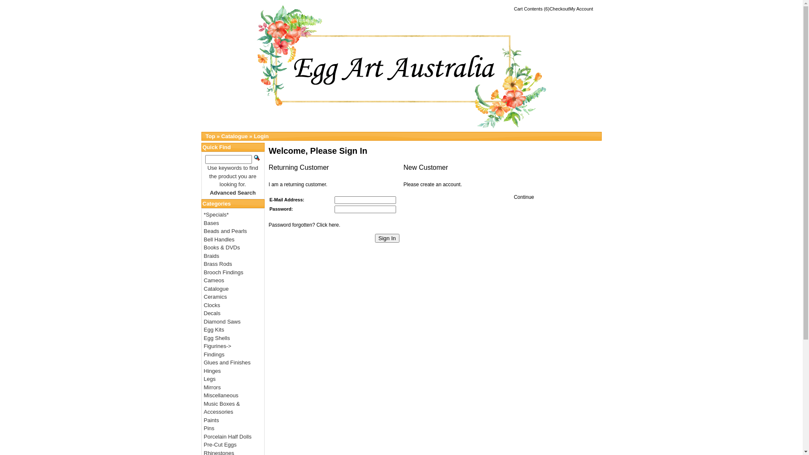 The width and height of the screenshot is (809, 455). Describe the element at coordinates (214, 329) in the screenshot. I see `'Egg Kits'` at that location.